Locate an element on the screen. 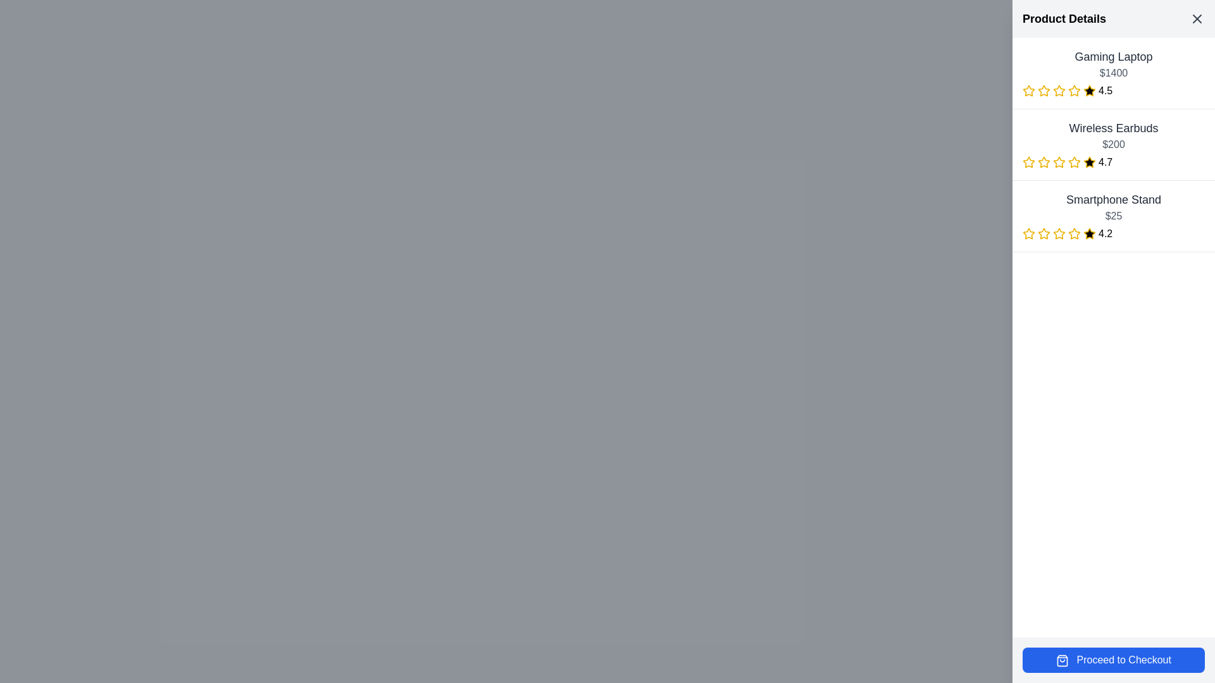  the second yellow outlined star icon representing the rating for 'Wireless Earbuds' is located at coordinates (1029, 161).